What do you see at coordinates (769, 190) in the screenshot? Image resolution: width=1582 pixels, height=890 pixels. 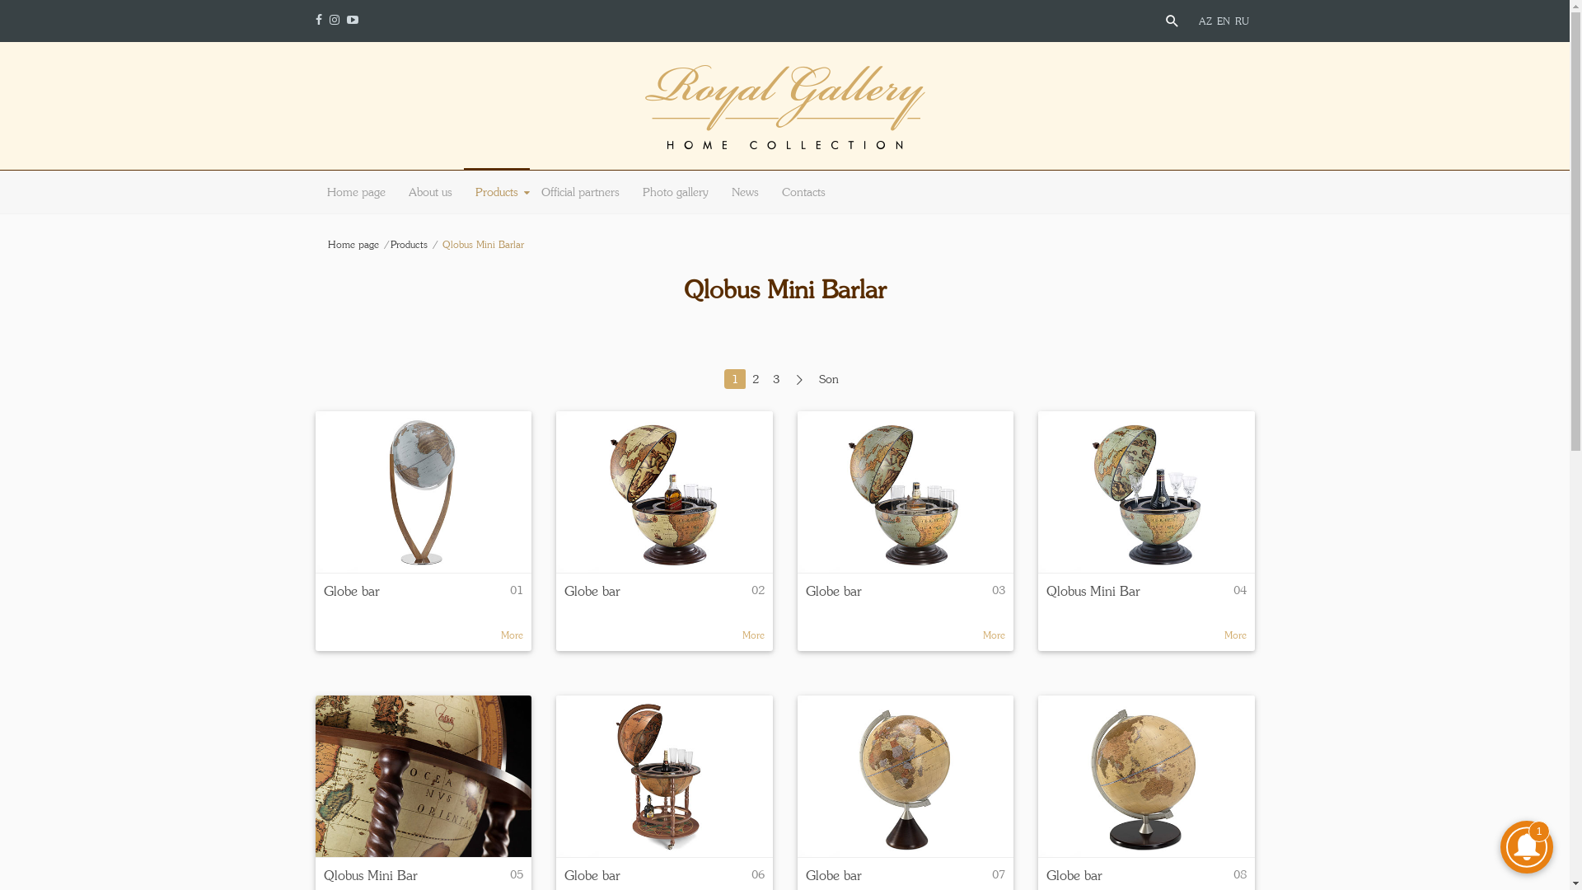 I see `'Contacts'` at bounding box center [769, 190].